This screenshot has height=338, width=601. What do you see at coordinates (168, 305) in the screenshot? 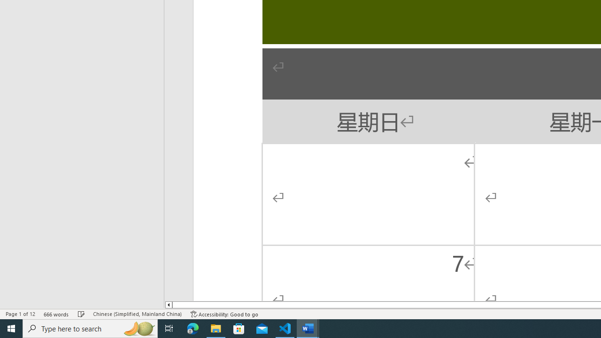
I see `'Column left'` at bounding box center [168, 305].